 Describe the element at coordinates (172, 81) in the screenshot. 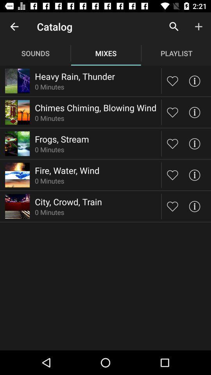

I see `this mix` at that location.